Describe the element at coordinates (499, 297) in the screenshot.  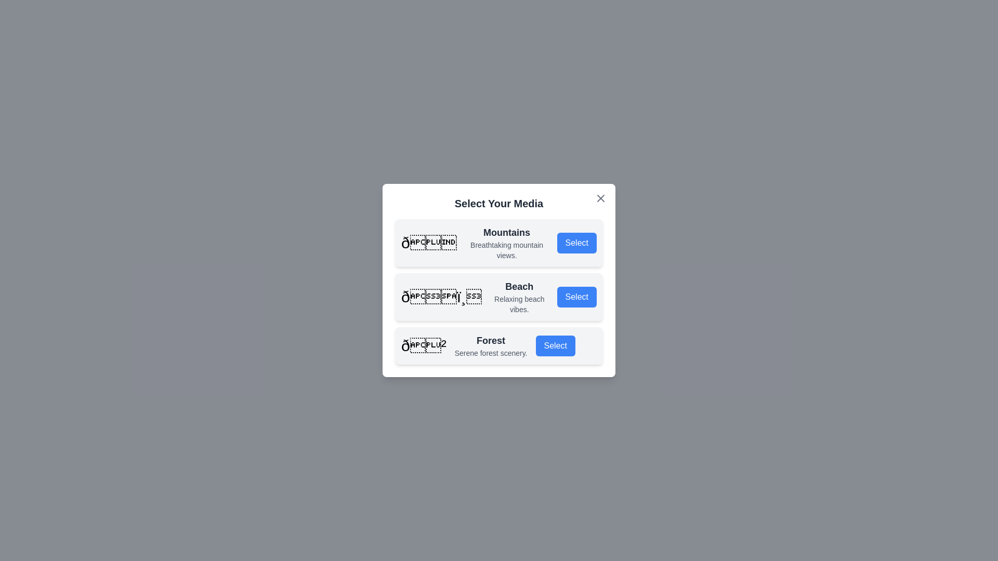
I see `the media option titled Beach to inspect its details visually` at that location.